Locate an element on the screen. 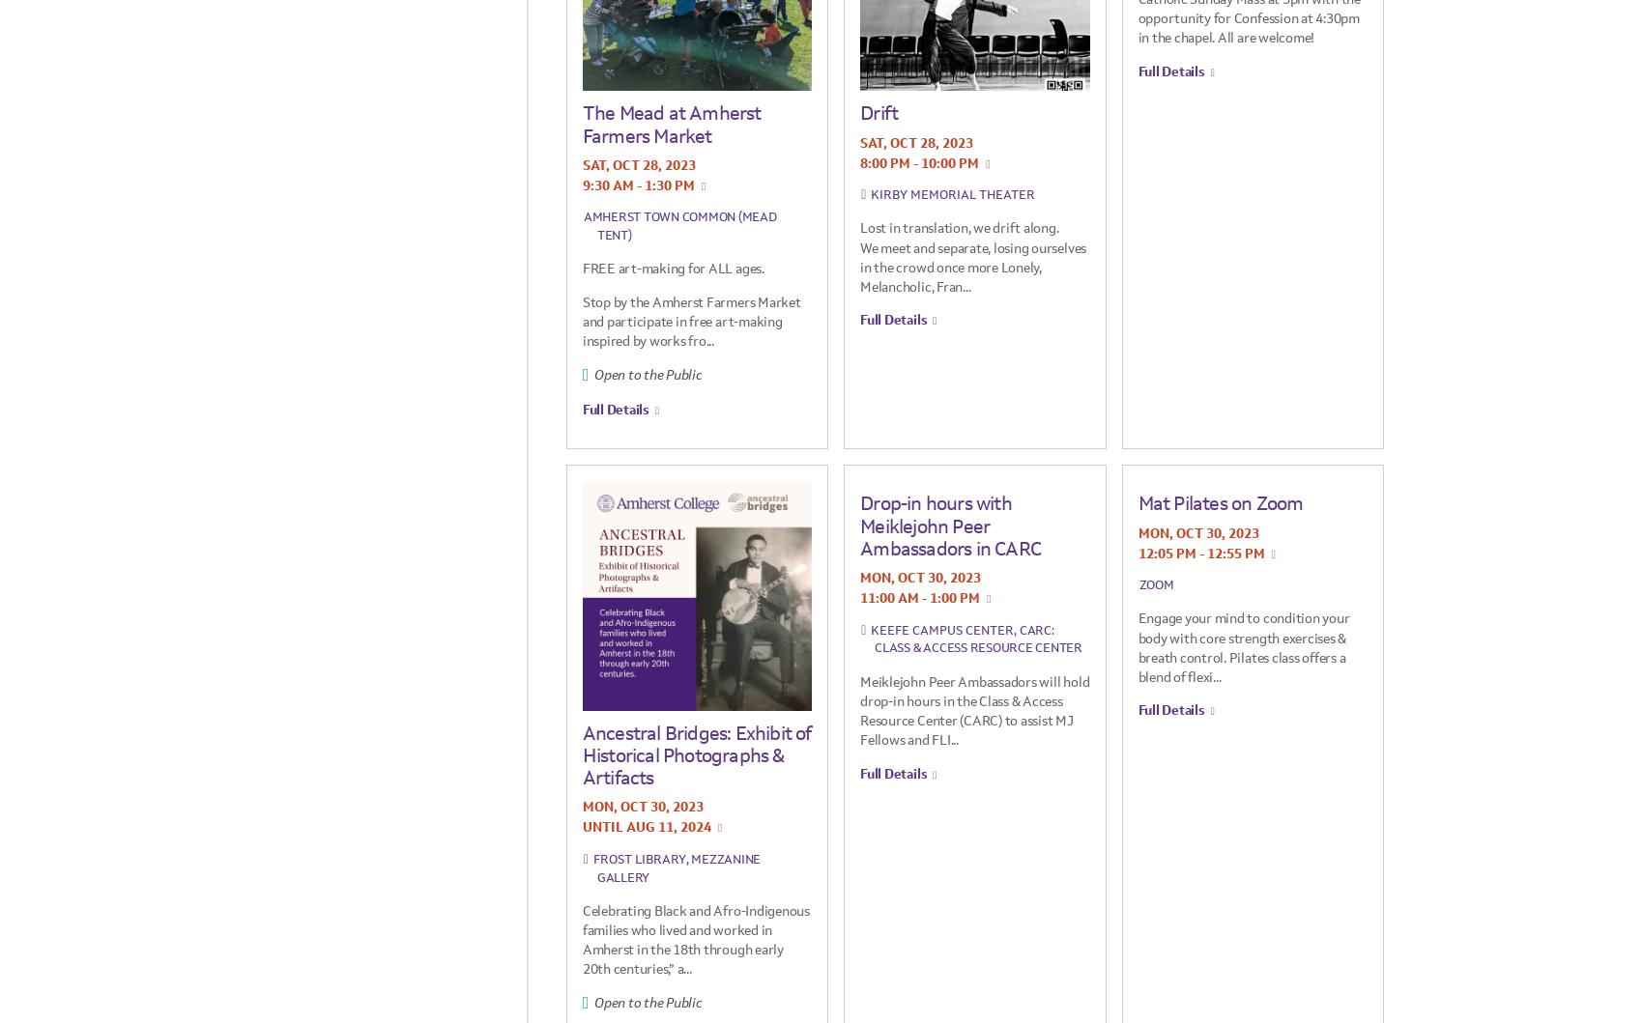  'Kirby Memorial Theater' is located at coordinates (951, 193).